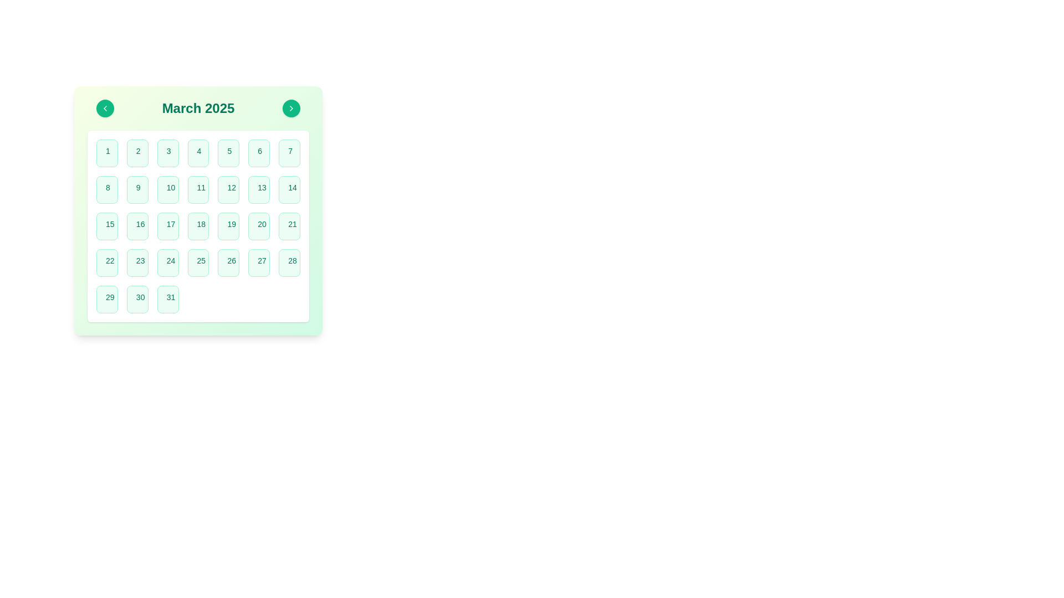  Describe the element at coordinates (201, 224) in the screenshot. I see `the date '18' displayed in a bold, medium-sized green font inside a rounded box in the calendar grid` at that location.